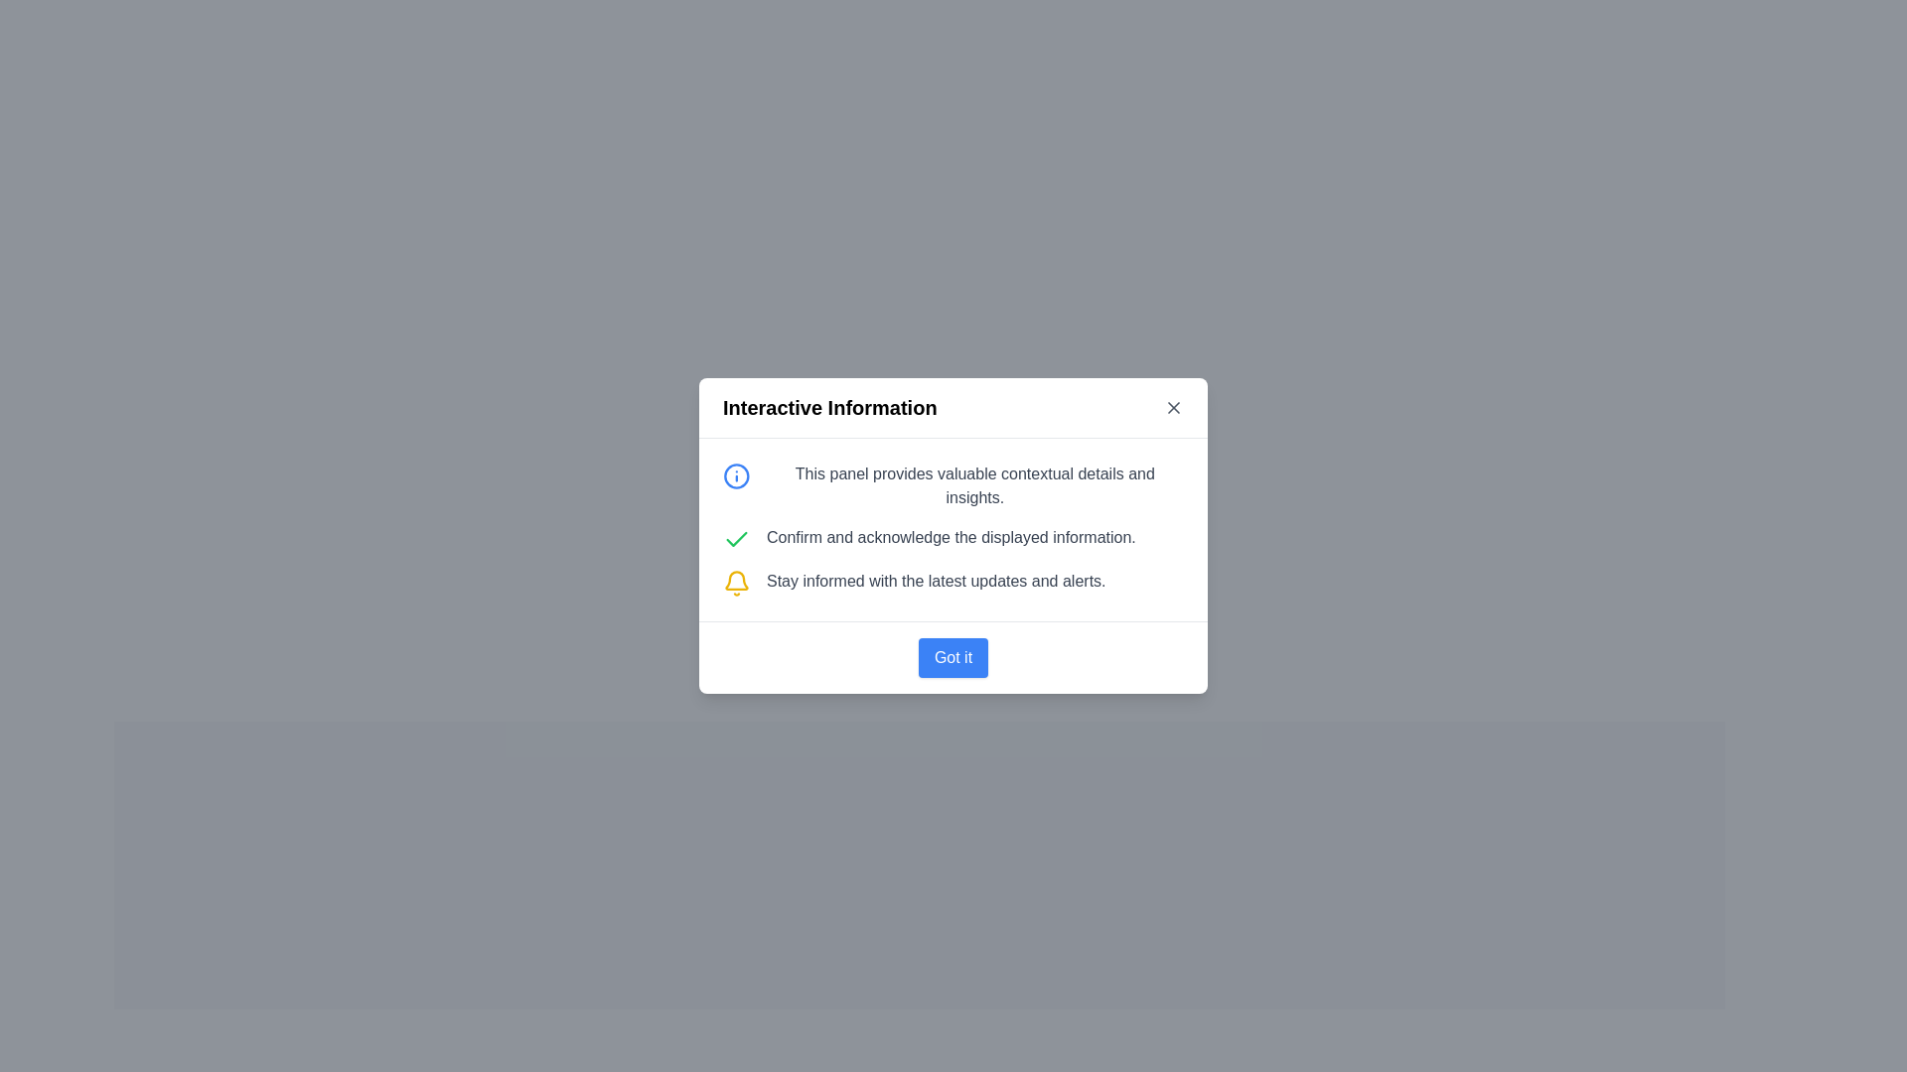 The height and width of the screenshot is (1072, 1907). Describe the element at coordinates (1173, 407) in the screenshot. I see `the close button icon located at the top-right corner of the 'Interactive Information' modal dialog` at that location.